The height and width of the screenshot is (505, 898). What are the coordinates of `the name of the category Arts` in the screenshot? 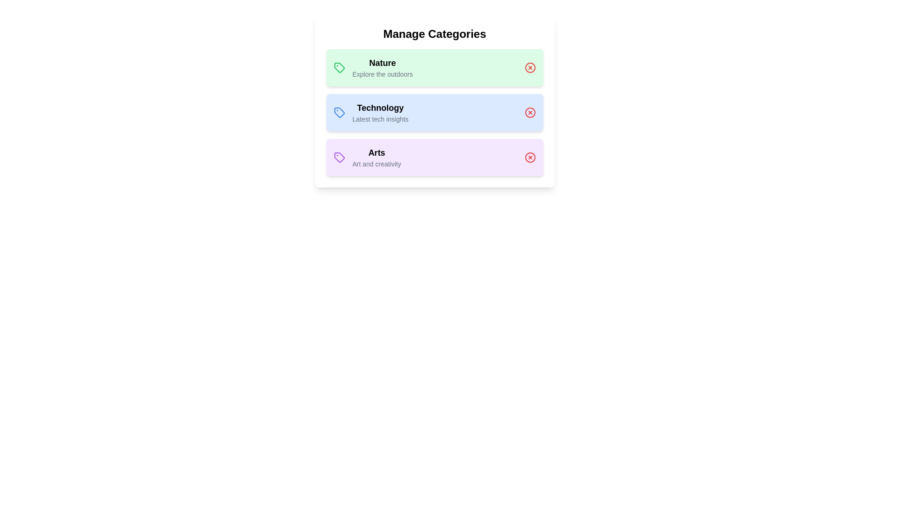 It's located at (377, 152).